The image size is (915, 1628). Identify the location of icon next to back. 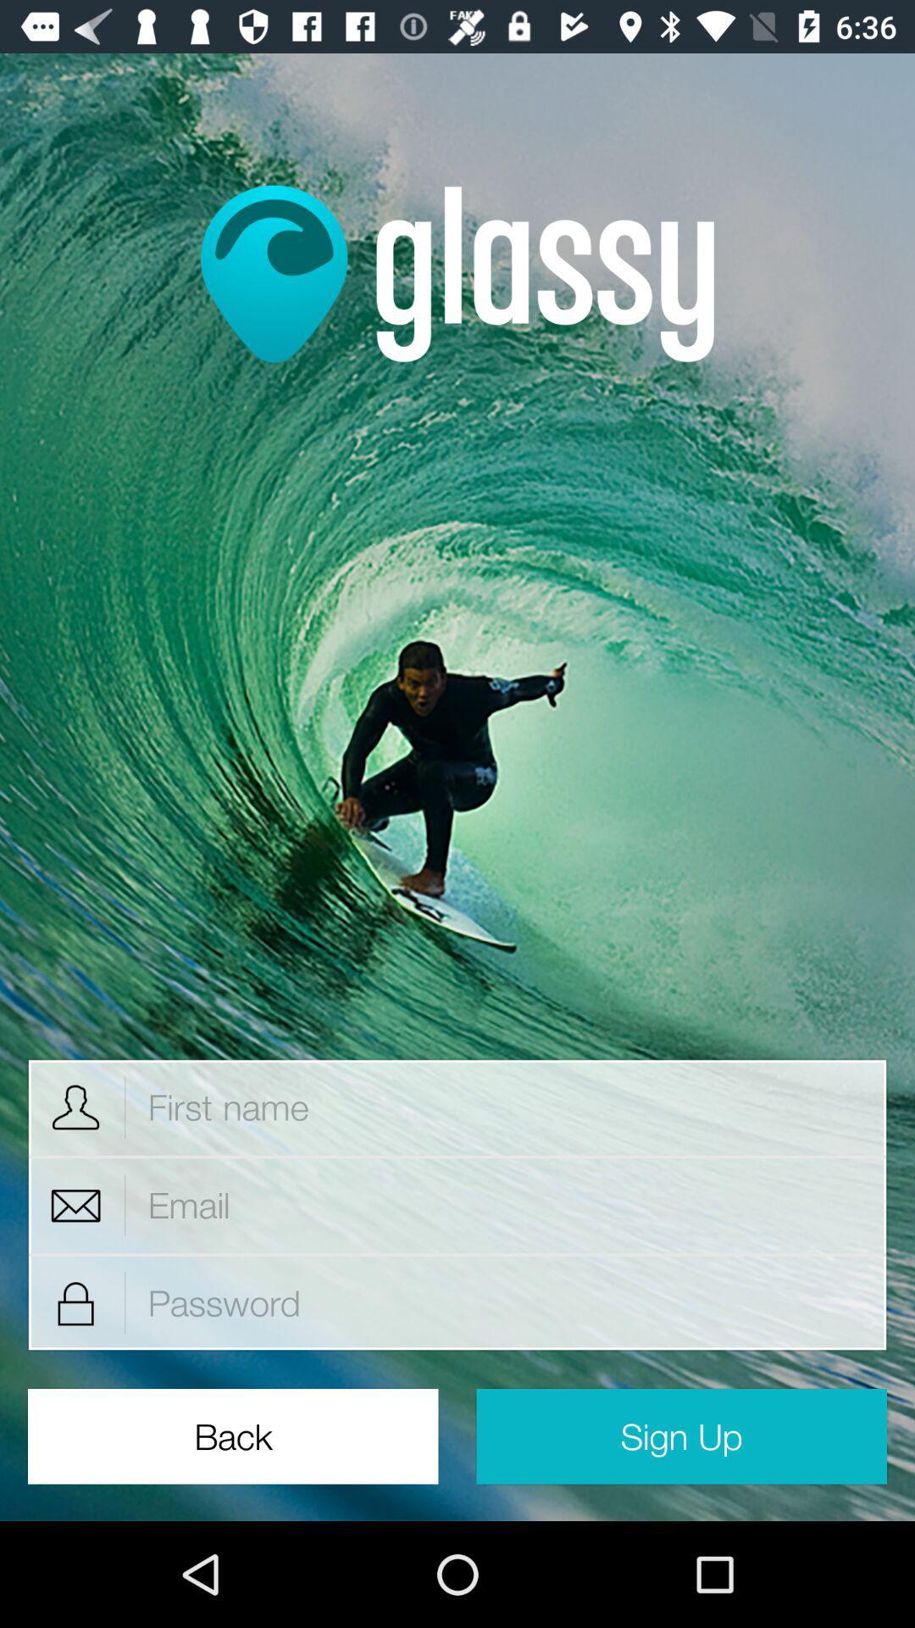
(680, 1436).